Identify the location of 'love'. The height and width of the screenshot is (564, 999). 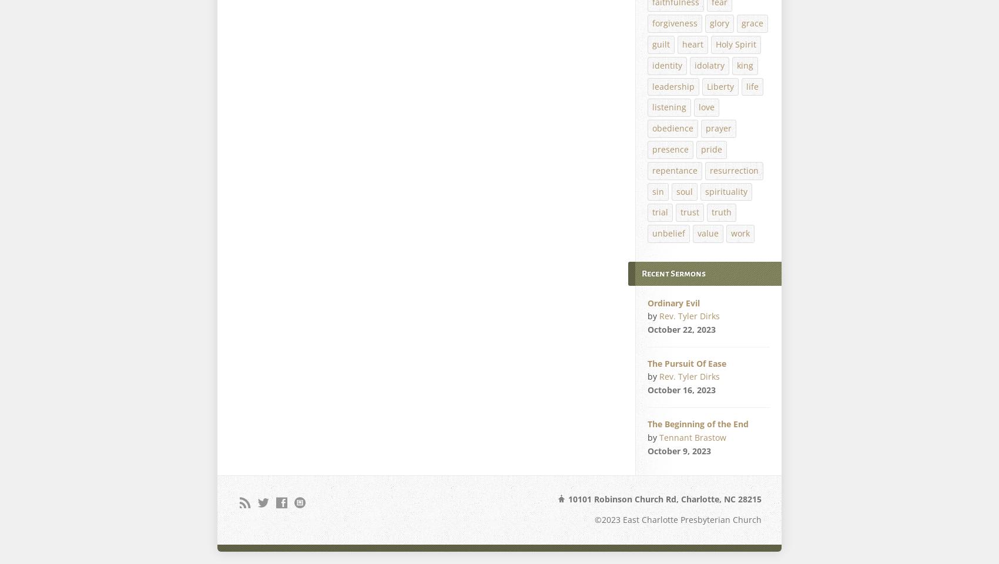
(706, 107).